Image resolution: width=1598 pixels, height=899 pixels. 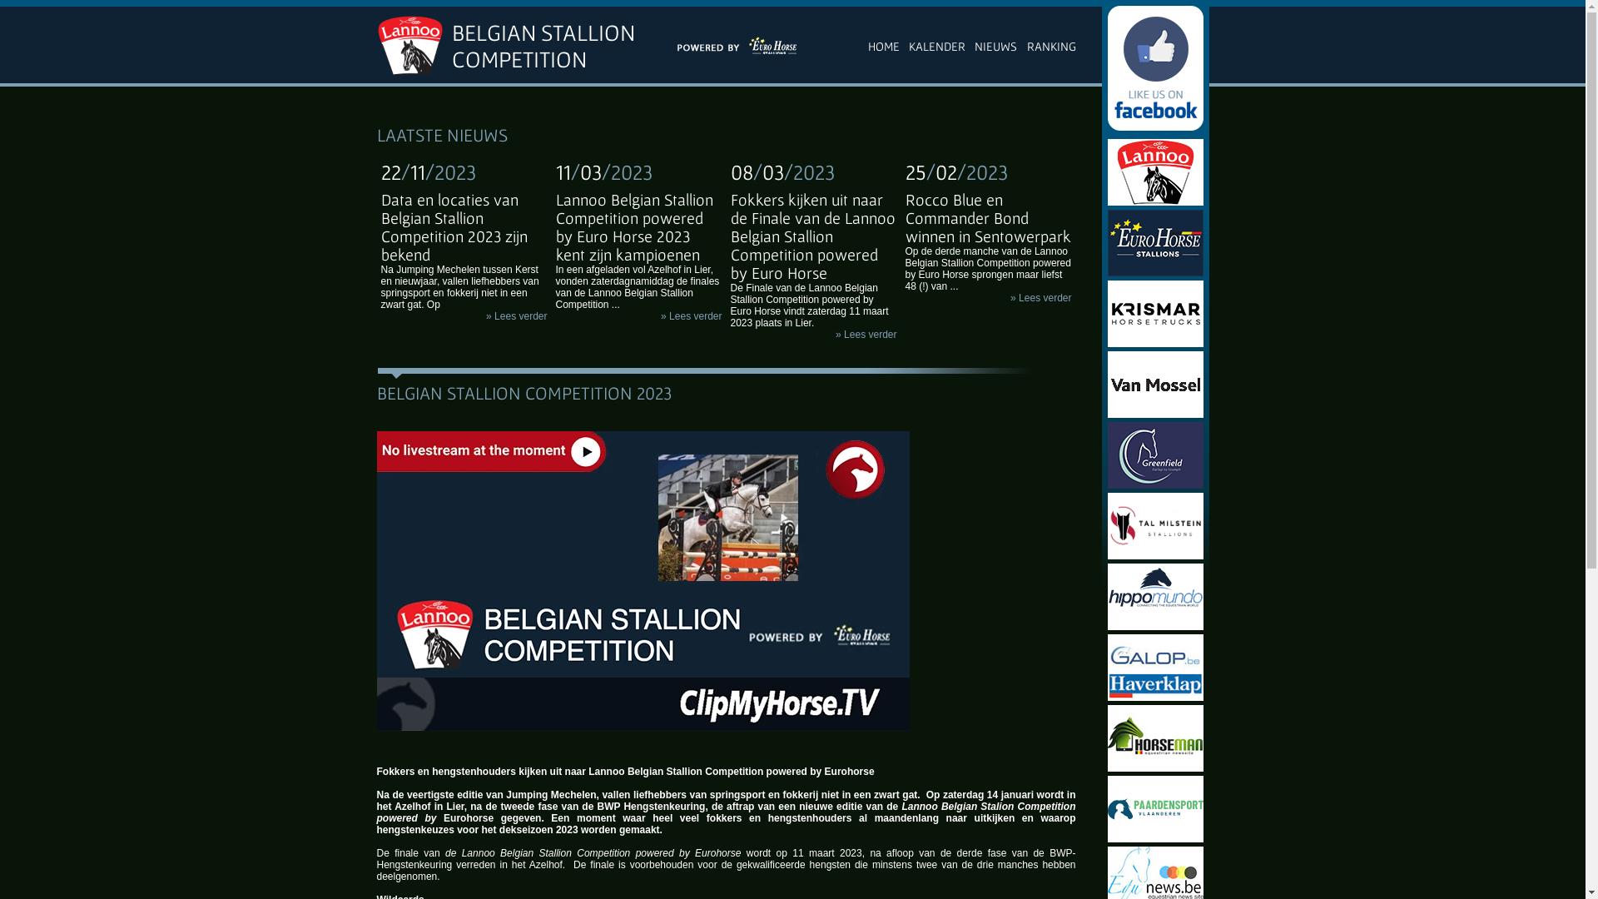 I want to click on 'HOME', so click(x=882, y=44).